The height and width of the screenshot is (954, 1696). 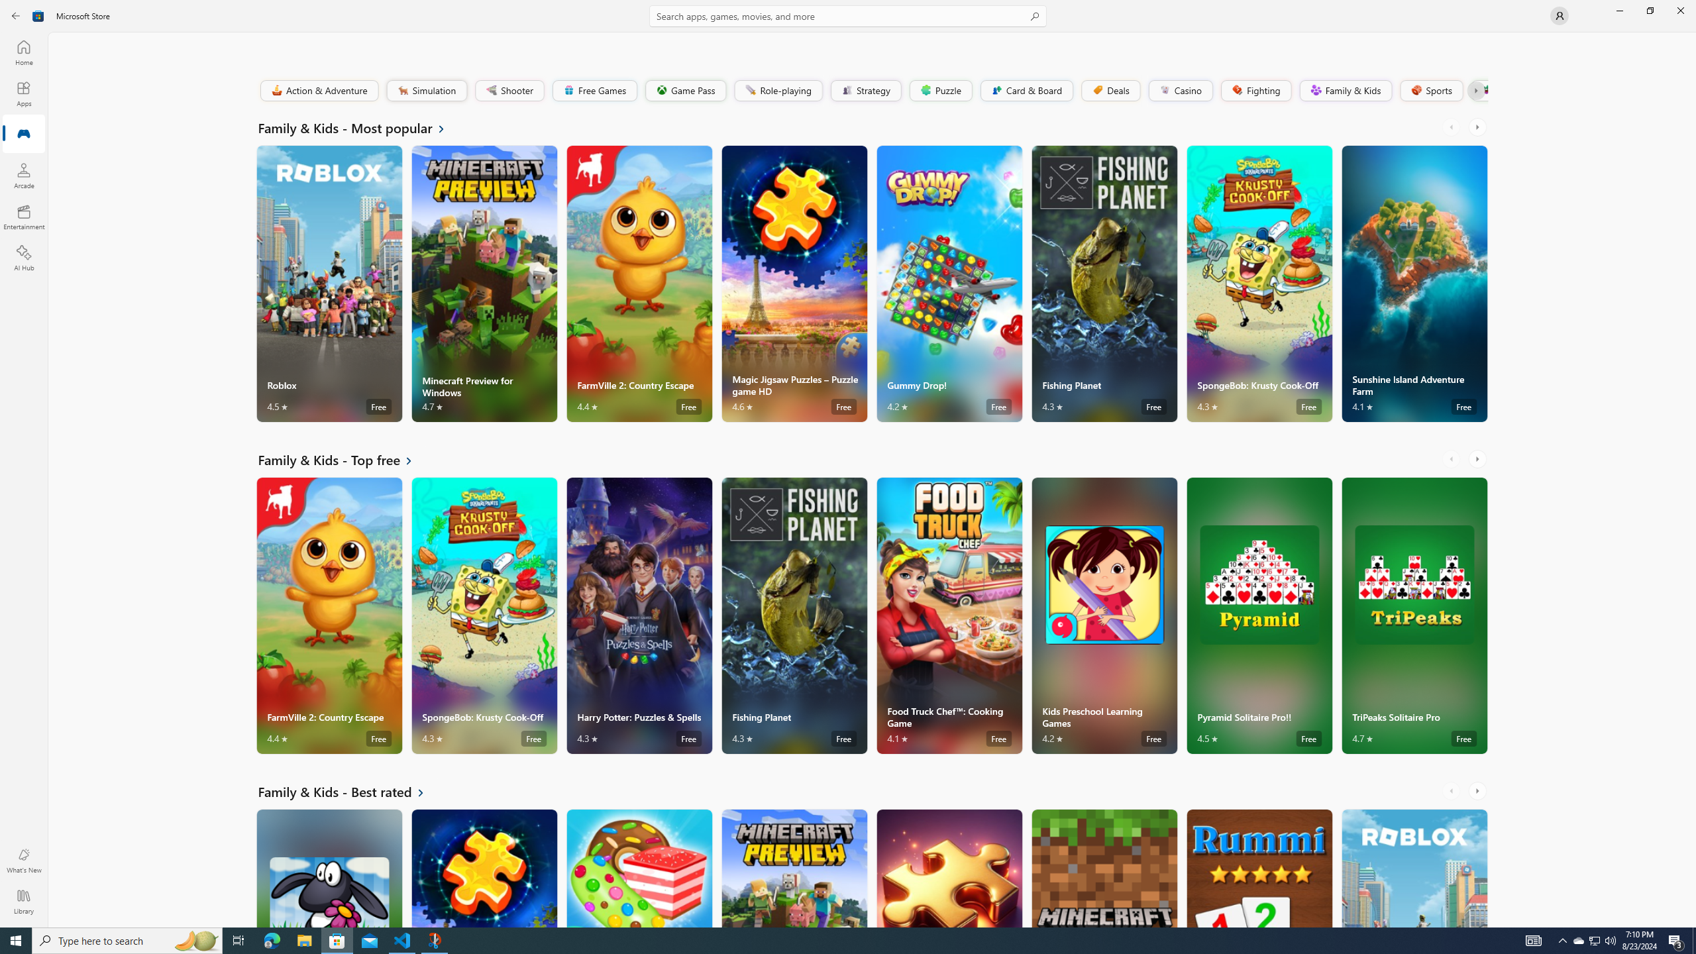 What do you see at coordinates (1452, 790) in the screenshot?
I see `'AutomationID: LeftScrollButton'` at bounding box center [1452, 790].